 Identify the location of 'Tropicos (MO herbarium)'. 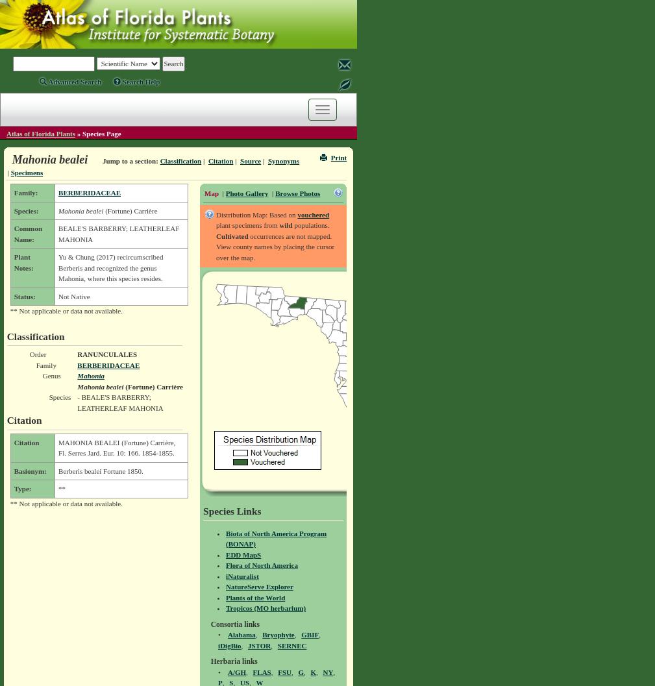
(265, 608).